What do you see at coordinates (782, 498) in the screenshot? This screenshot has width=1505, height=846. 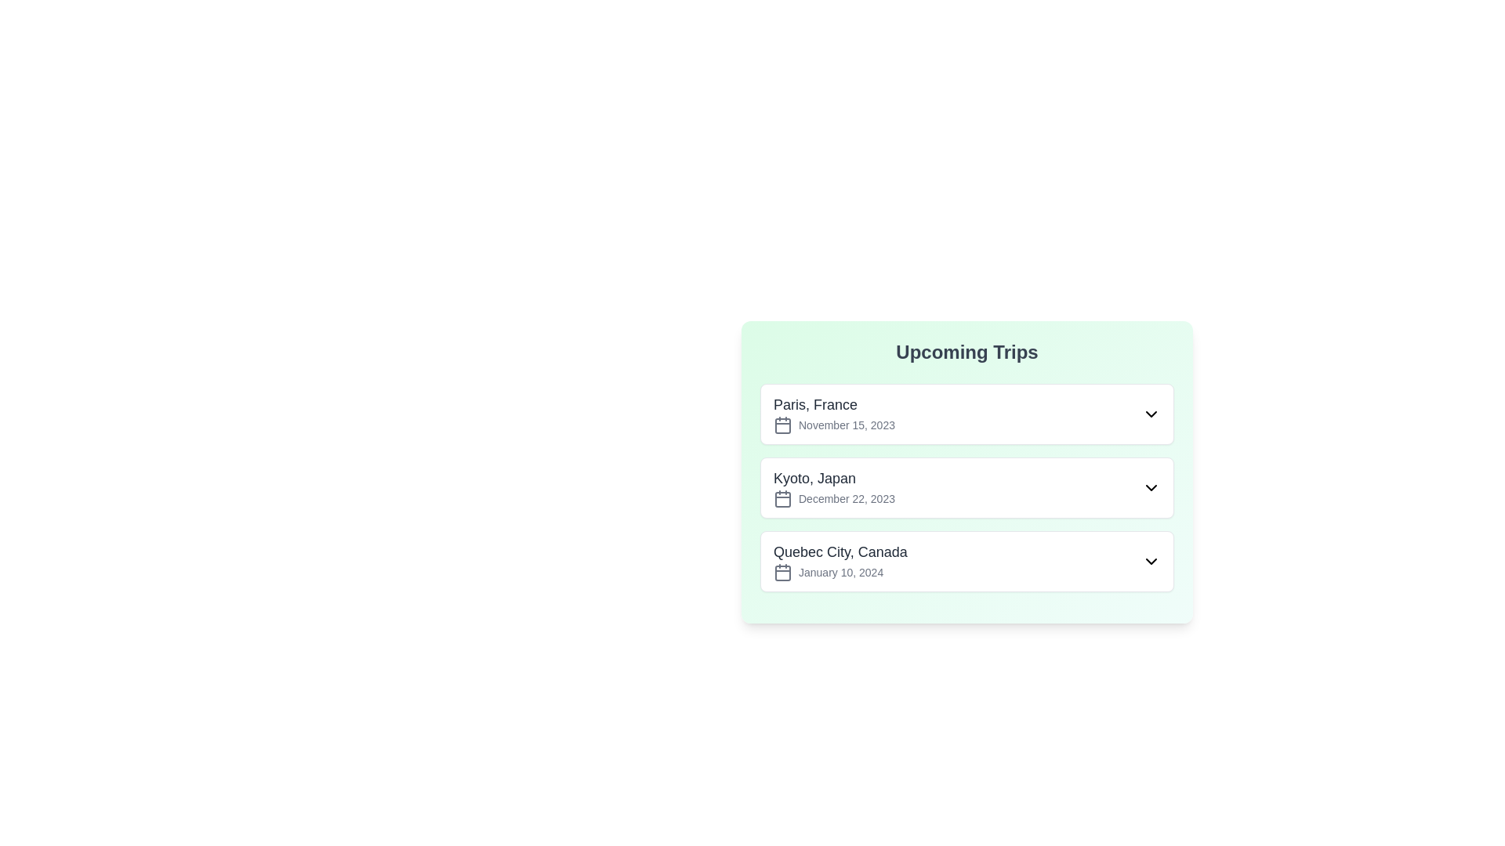 I see `the icon associated with the date 'December 22, 2023', located slightly to the left of the date text in the 'Upcoming Trips' list` at bounding box center [782, 498].